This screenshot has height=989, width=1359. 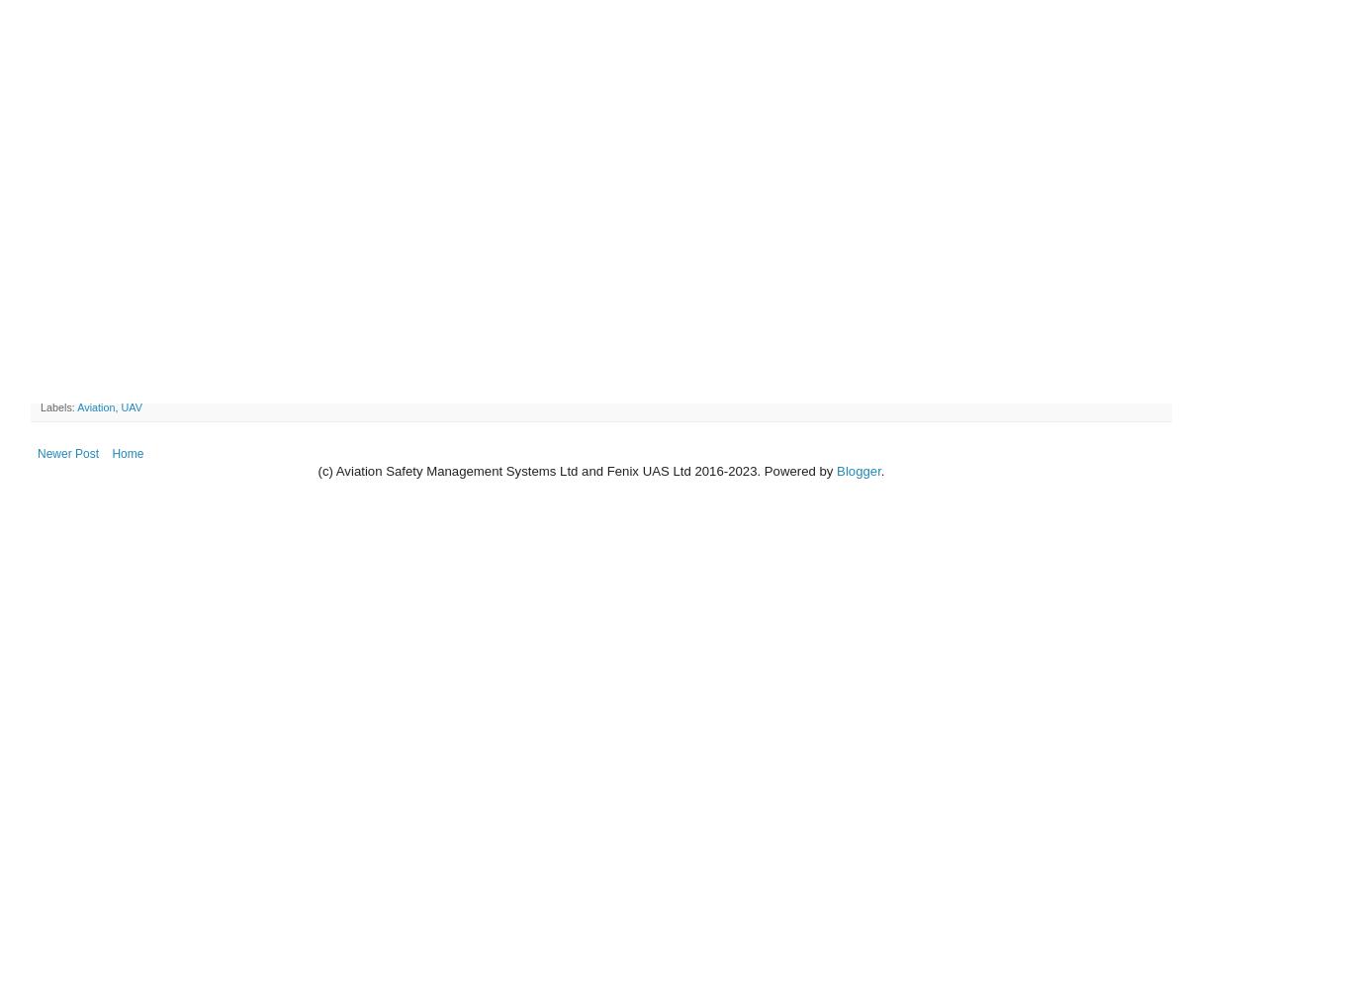 I want to click on 'BlogThis!', so click(x=88, y=390).